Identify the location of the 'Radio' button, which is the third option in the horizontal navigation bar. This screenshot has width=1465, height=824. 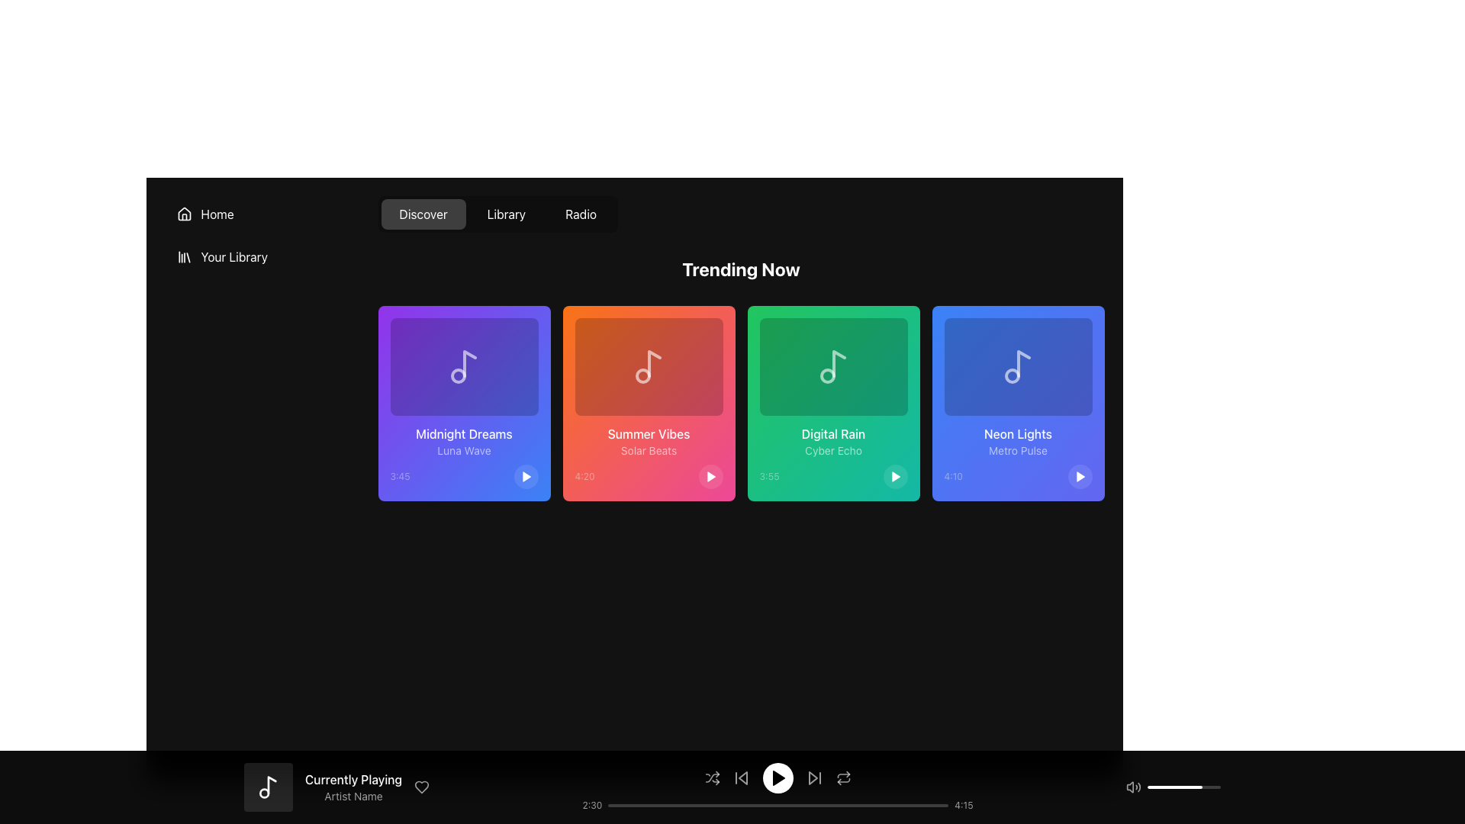
(580, 214).